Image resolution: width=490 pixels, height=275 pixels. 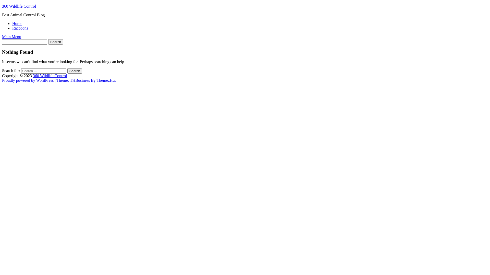 What do you see at coordinates (50, 76) in the screenshot?
I see `'360 Wildlife Control'` at bounding box center [50, 76].